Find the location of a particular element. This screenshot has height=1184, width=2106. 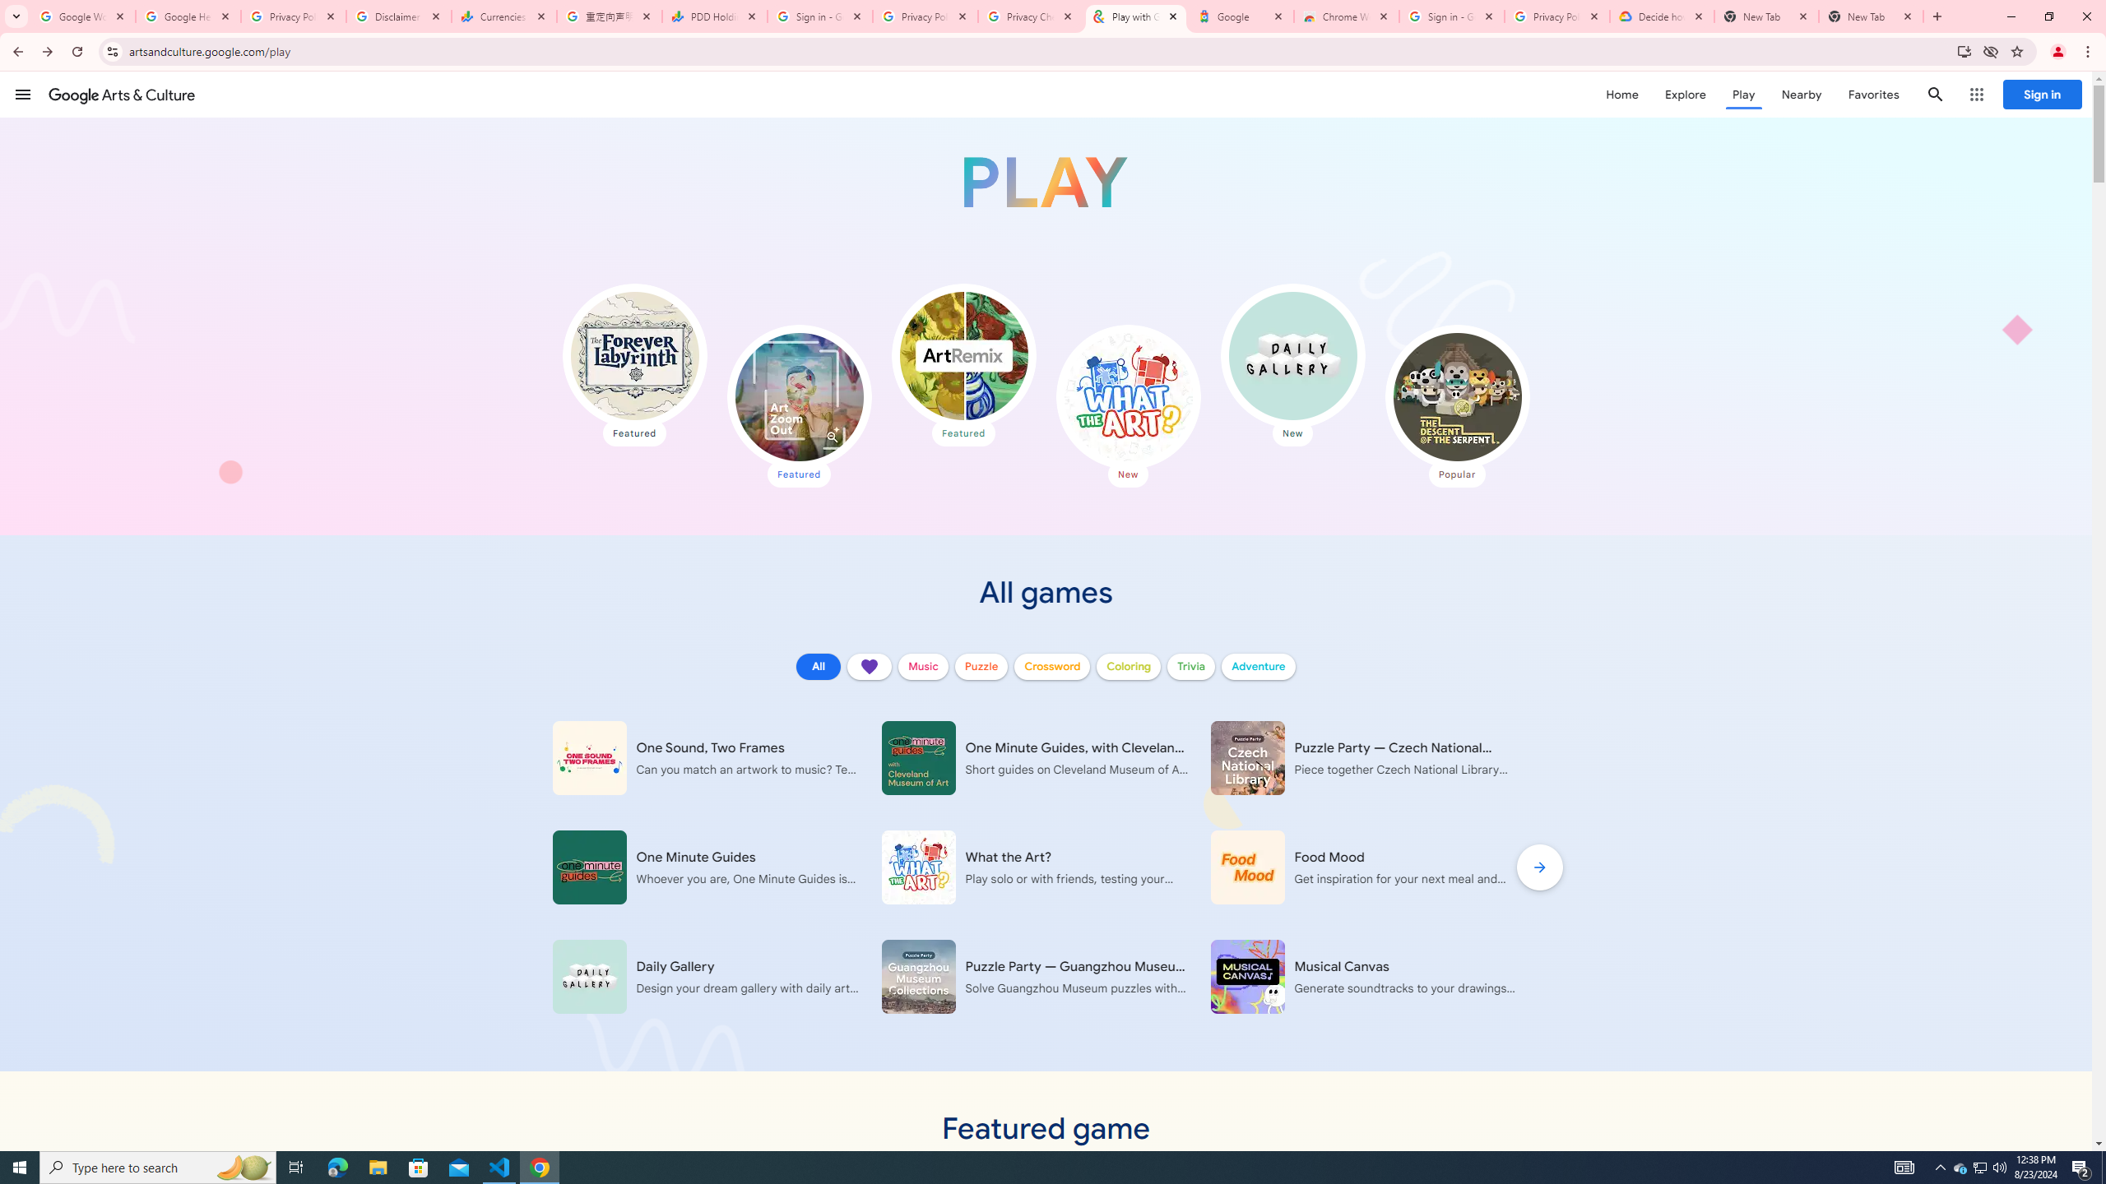

'Google Workspace Admin Community' is located at coordinates (83, 16).